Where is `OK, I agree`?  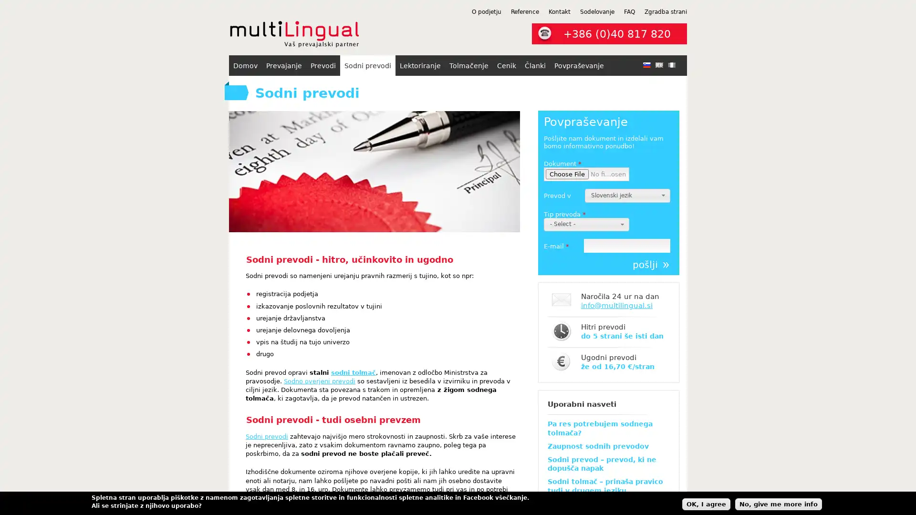
OK, I agree is located at coordinates (706, 503).